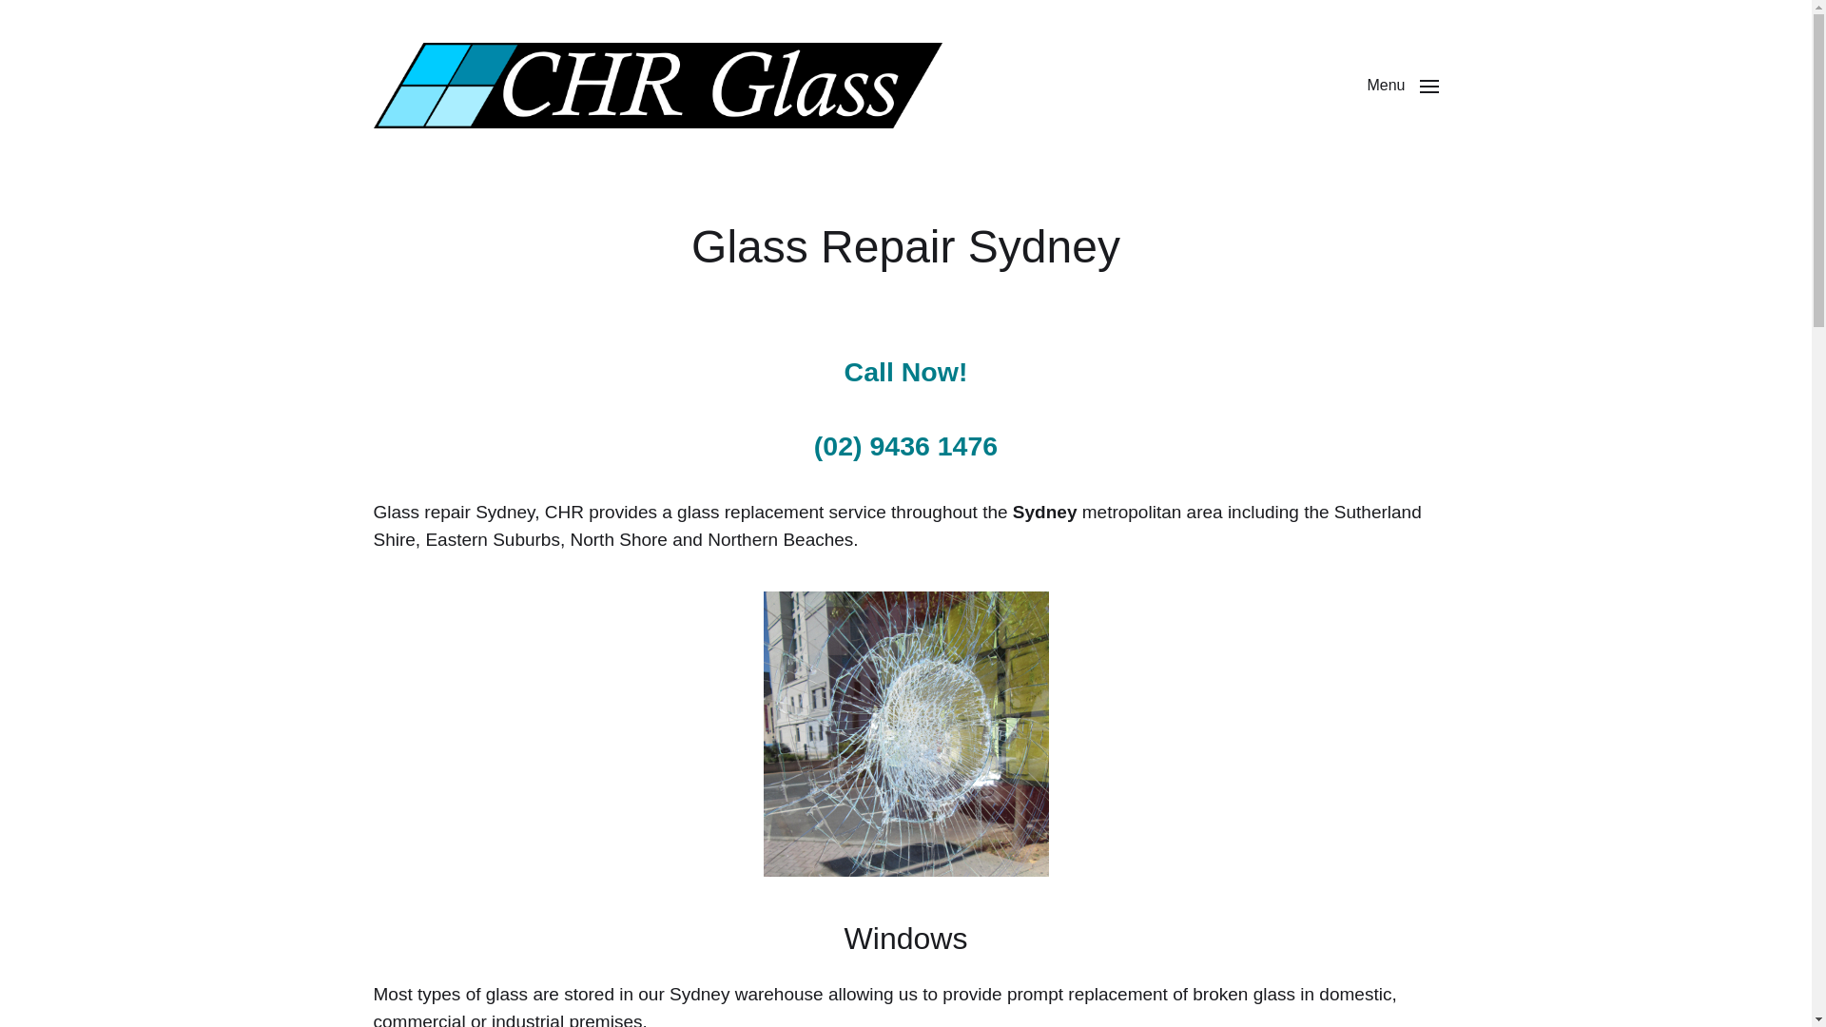 The width and height of the screenshot is (1826, 1027). I want to click on 'Menu', so click(1341, 84).